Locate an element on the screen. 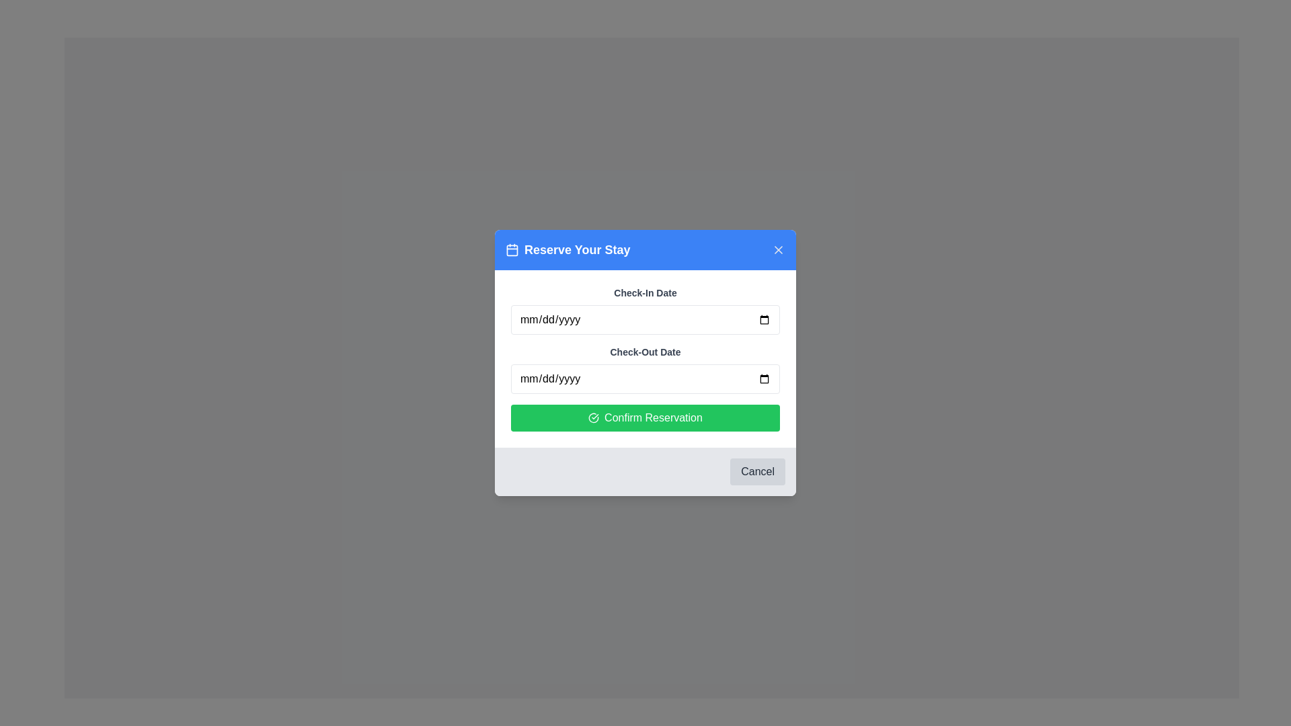 The width and height of the screenshot is (1291, 726). the small square button resembling a close or cancel icon ('X') is located at coordinates (778, 249).